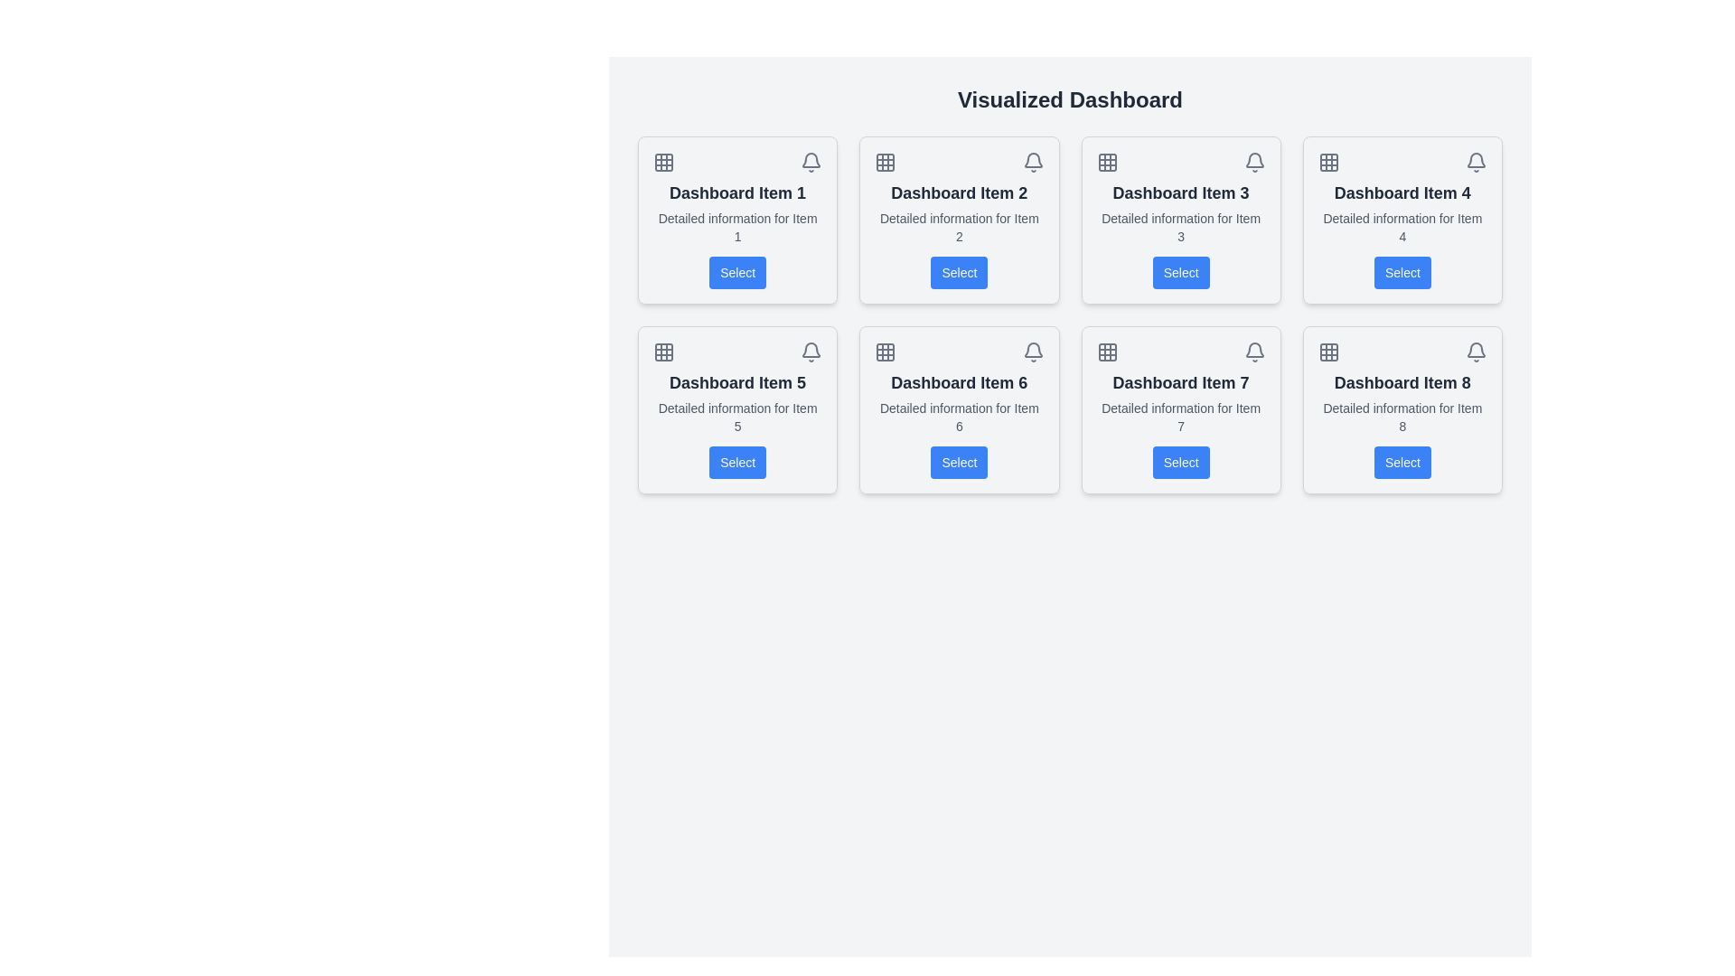  I want to click on the 'Dashboard Item 6' text label that is bold and serves as the main title of a card in the second column of the second row of the dashboard grid, so click(958, 382).